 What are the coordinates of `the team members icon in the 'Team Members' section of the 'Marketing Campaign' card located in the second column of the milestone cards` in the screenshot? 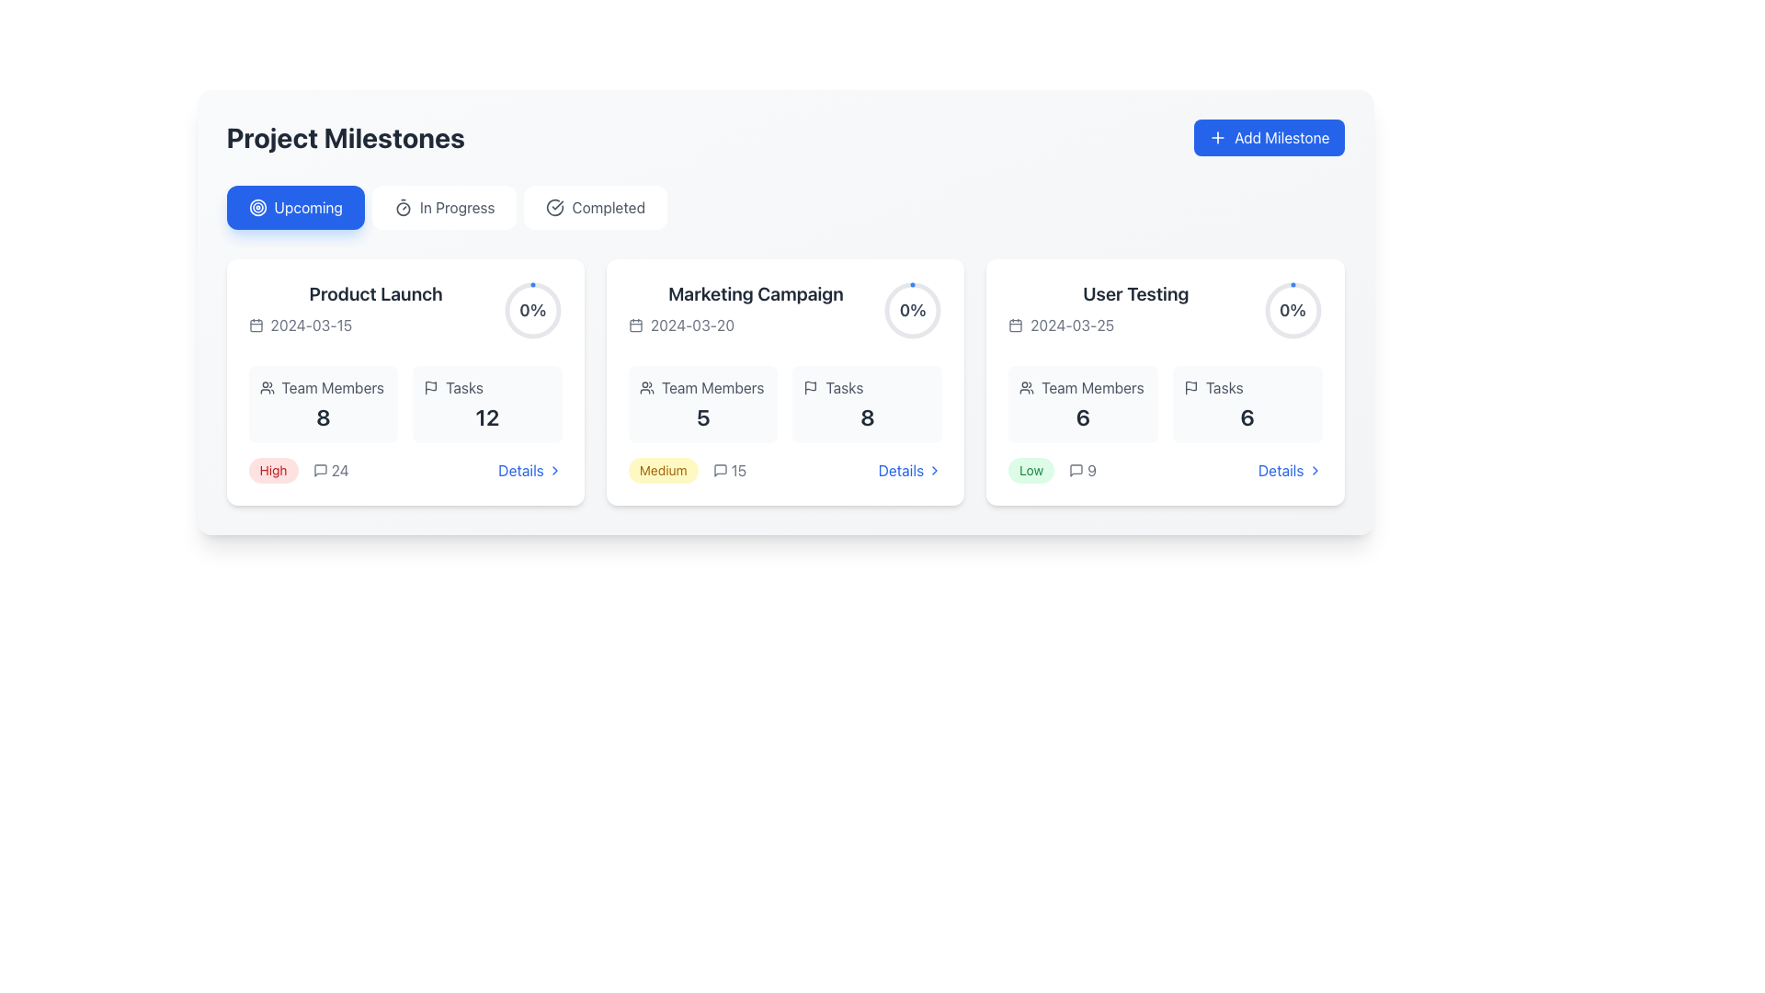 It's located at (646, 386).